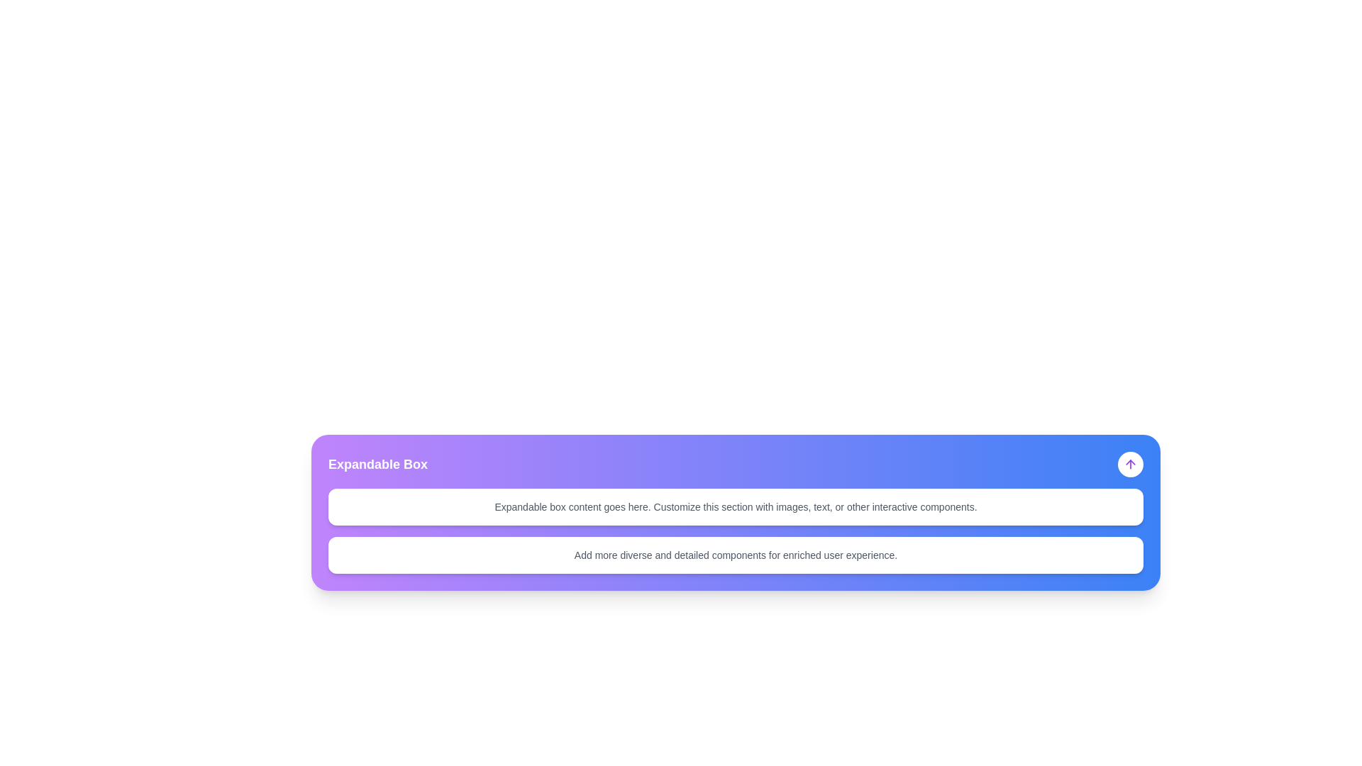 This screenshot has height=766, width=1362. I want to click on the Text block that serves as a textual information display in the second section of the 'Expandable Box' with a light purple background, so click(736, 555).